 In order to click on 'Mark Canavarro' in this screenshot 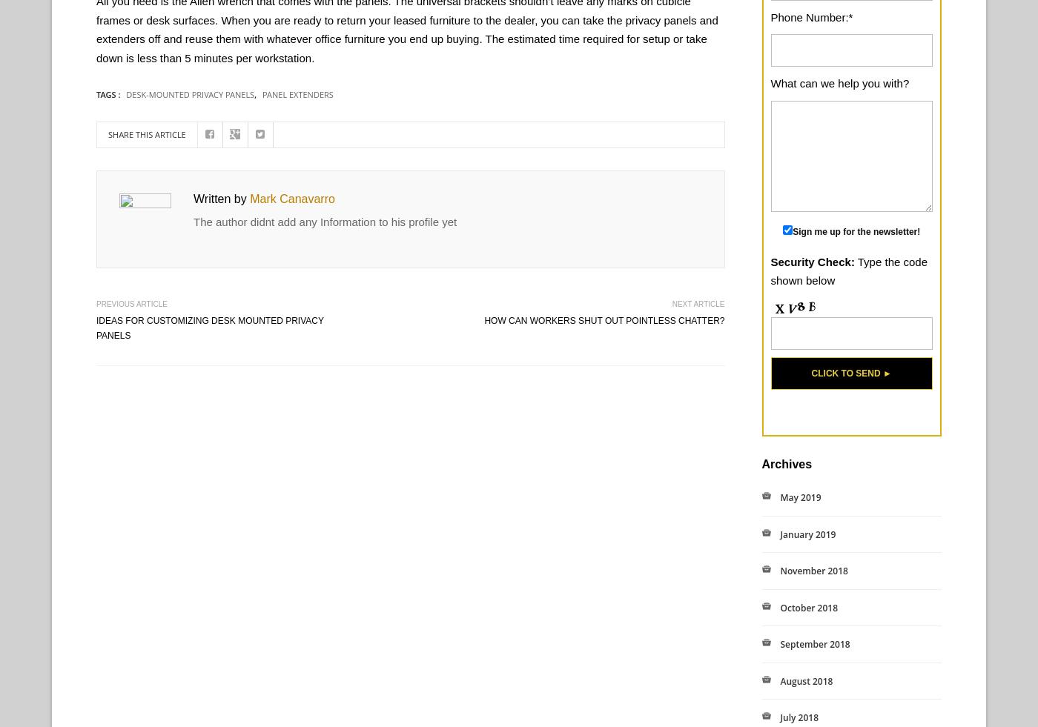, I will do `click(291, 198)`.